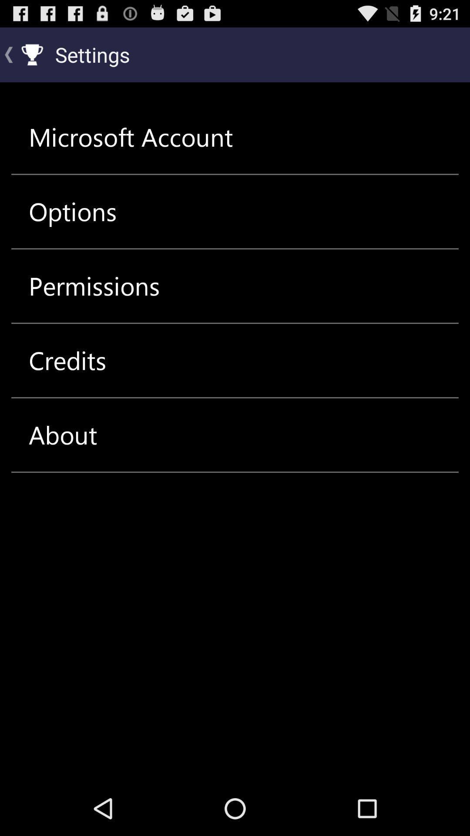  Describe the element at coordinates (72, 211) in the screenshot. I see `item below the microsoft account` at that location.